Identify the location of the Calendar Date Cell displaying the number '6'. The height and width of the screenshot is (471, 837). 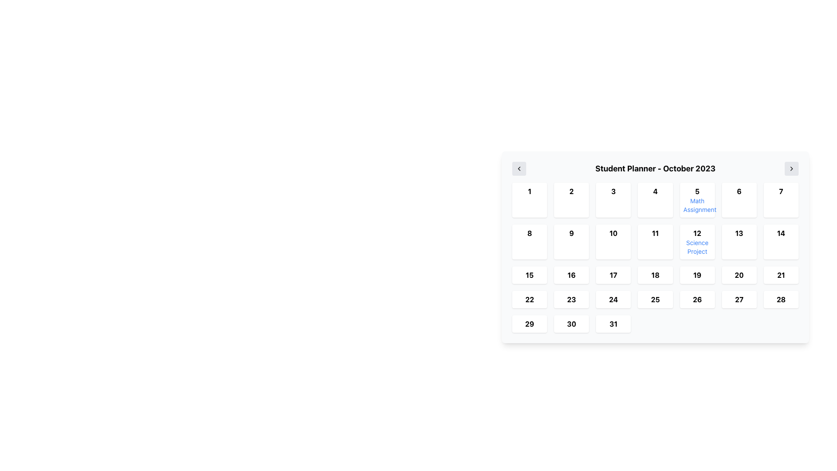
(738, 200).